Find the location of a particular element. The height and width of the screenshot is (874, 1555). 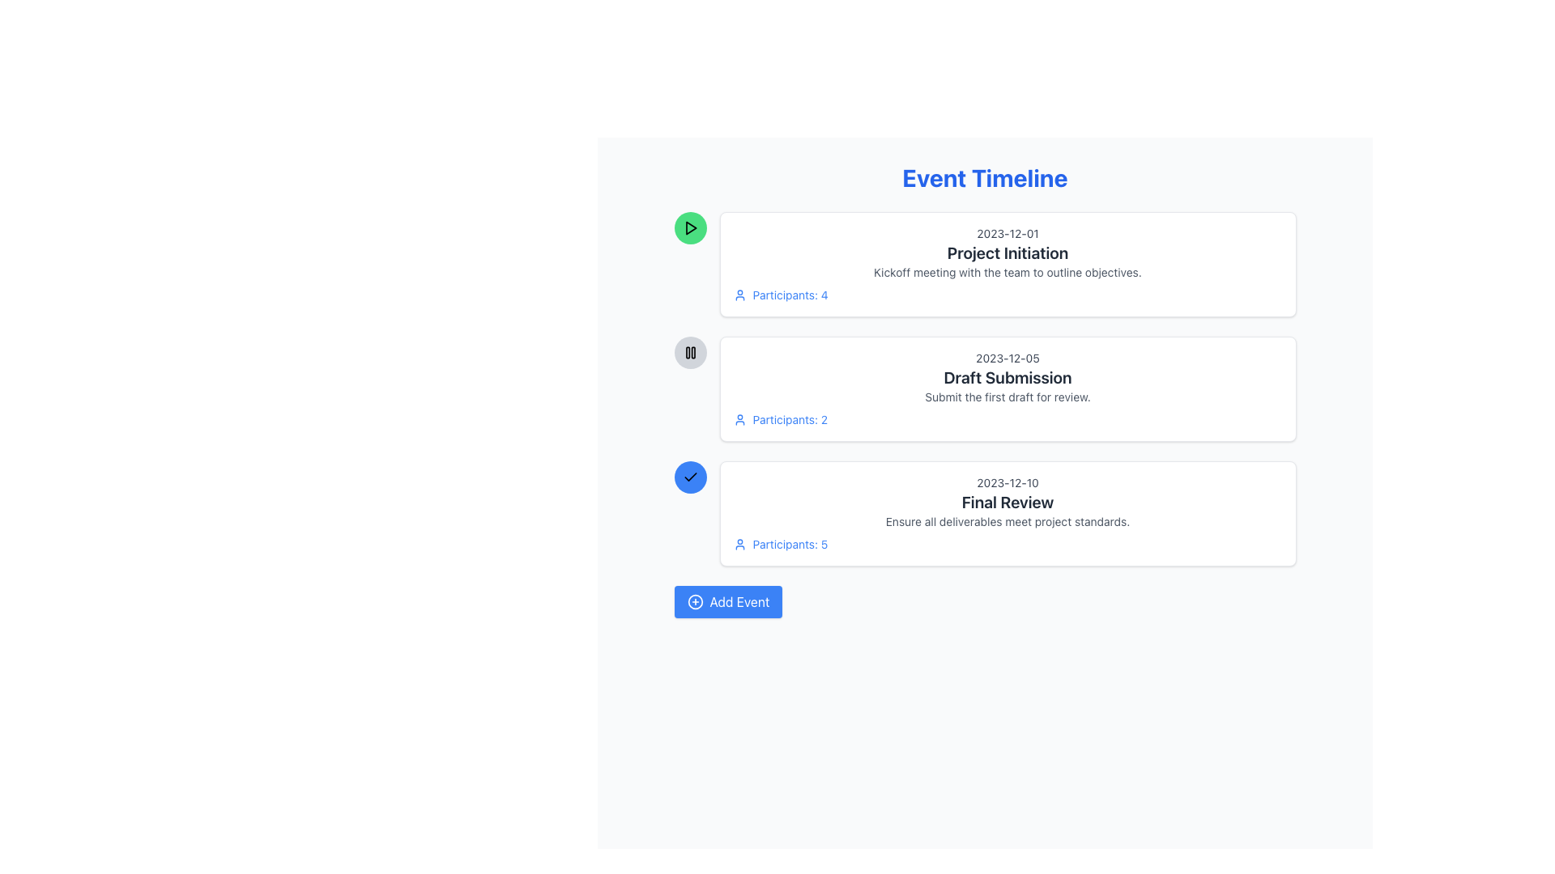

the circular button with a blue background and white checkmark icon located in the 'Final Review' section, which is the third element in the list of status indicators is located at coordinates (690, 477).